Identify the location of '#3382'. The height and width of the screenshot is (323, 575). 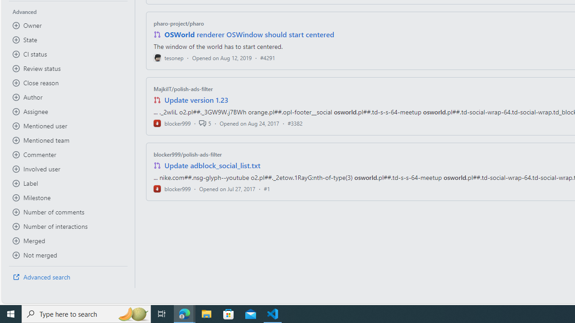
(295, 123).